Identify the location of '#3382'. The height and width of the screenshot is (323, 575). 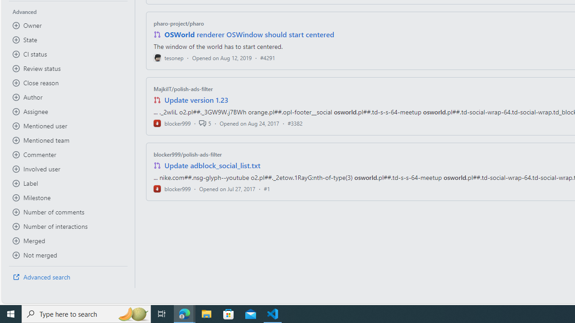
(295, 123).